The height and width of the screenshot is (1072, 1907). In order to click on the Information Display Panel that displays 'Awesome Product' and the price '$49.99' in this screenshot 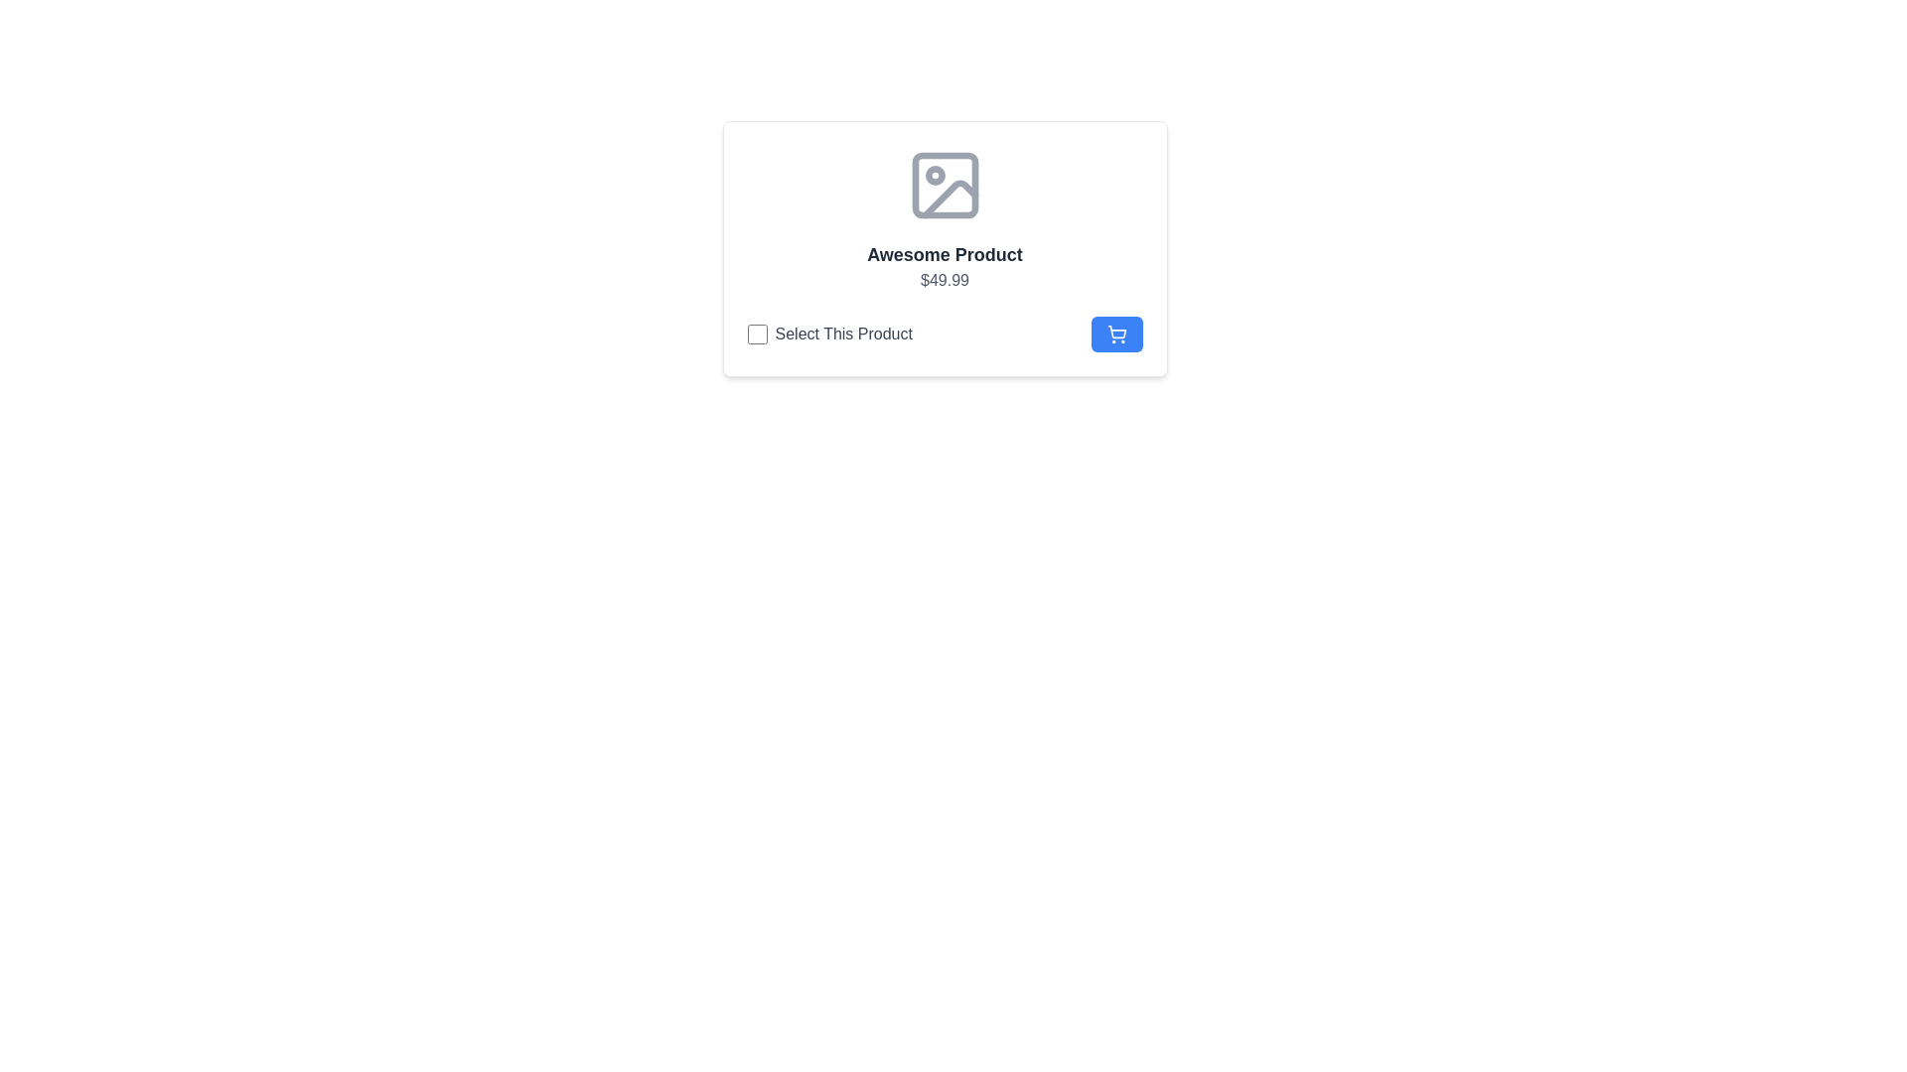, I will do `click(944, 218)`.